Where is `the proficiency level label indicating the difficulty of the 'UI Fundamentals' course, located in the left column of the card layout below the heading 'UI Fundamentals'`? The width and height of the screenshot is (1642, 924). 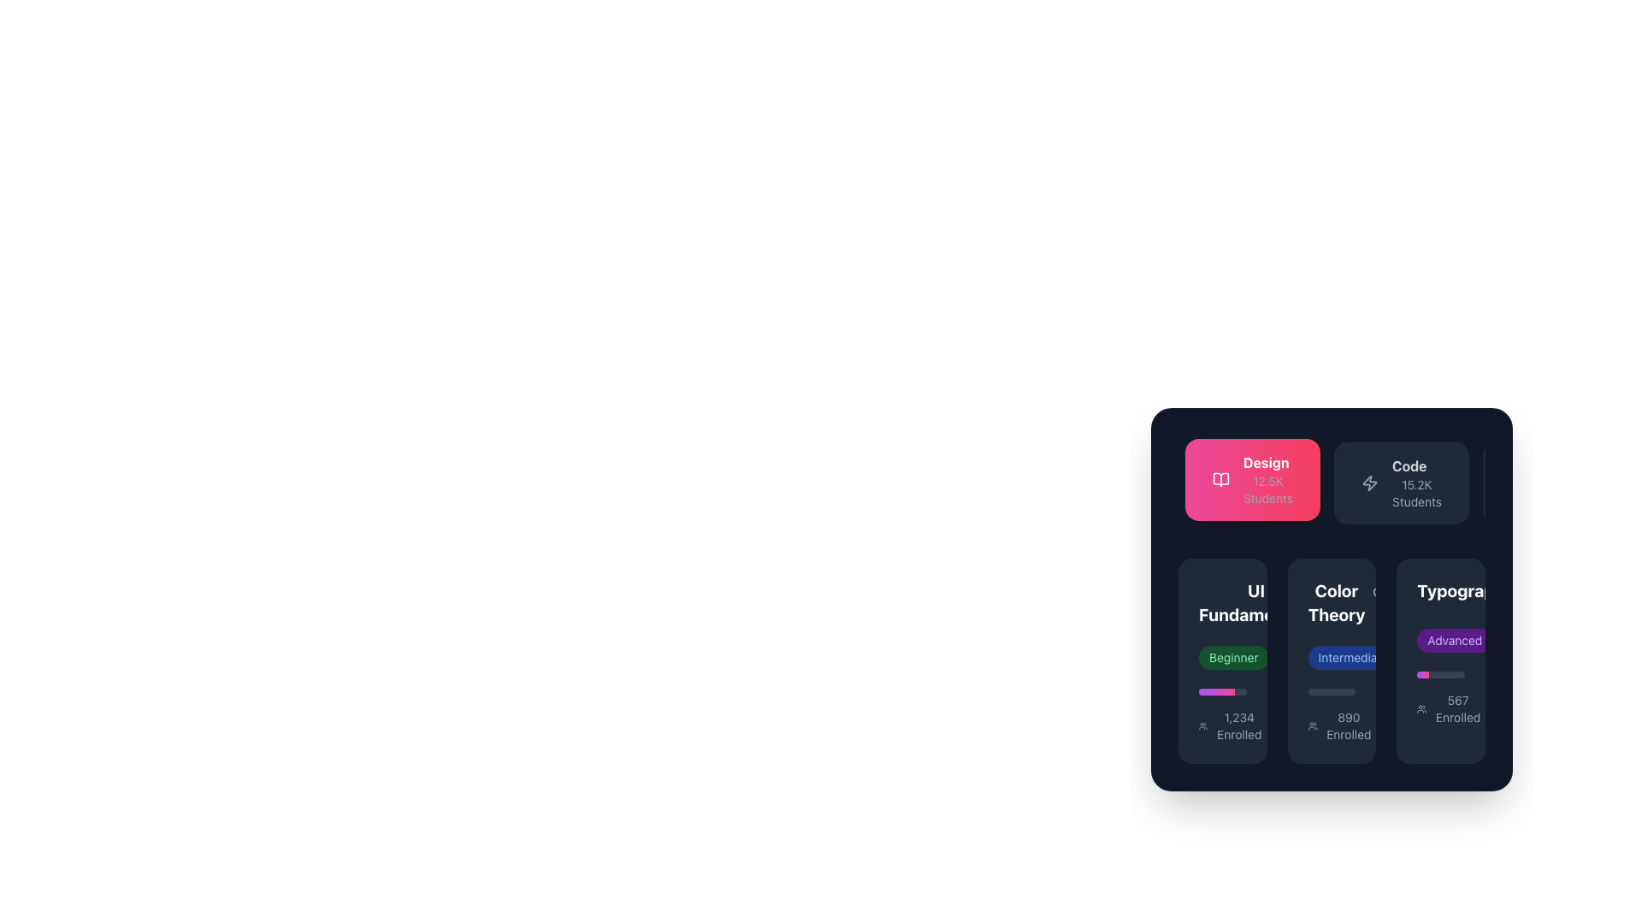
the proficiency level label indicating the difficulty of the 'UI Fundamentals' course, located in the left column of the card layout below the heading 'UI Fundamentals' is located at coordinates (1221, 656).